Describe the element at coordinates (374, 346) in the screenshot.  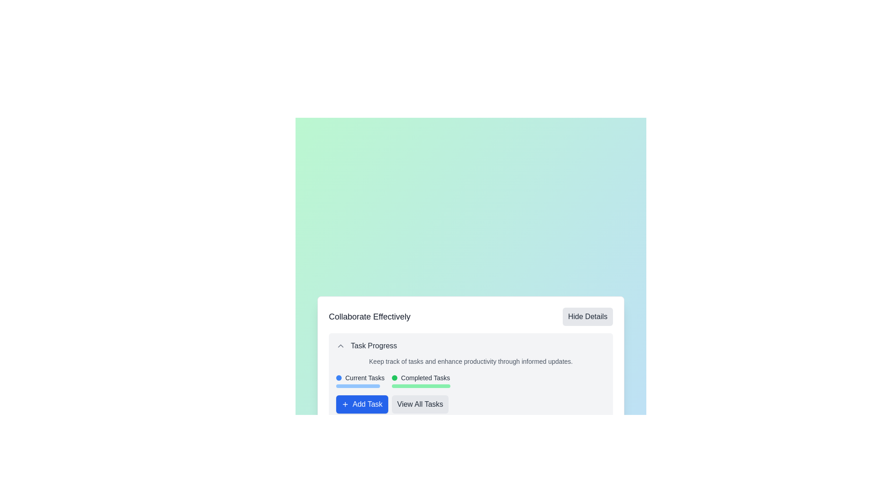
I see `the 'Task Progress' text label, which is styled in gray font and positioned in the header section under 'Collaborate Effectively'` at that location.